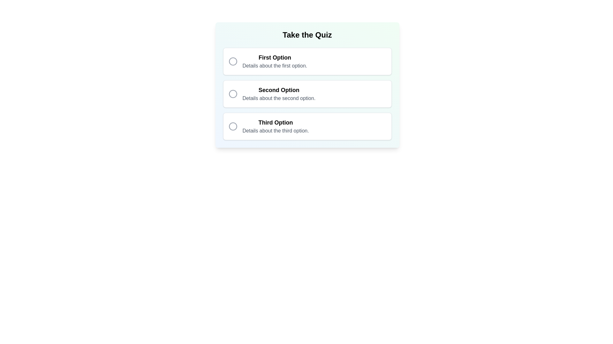  What do you see at coordinates (232, 126) in the screenshot?
I see `the circular radio button indicator located in the 'Third Option' section, positioned to the left of the text 'Third Option Details about the third option.'` at bounding box center [232, 126].